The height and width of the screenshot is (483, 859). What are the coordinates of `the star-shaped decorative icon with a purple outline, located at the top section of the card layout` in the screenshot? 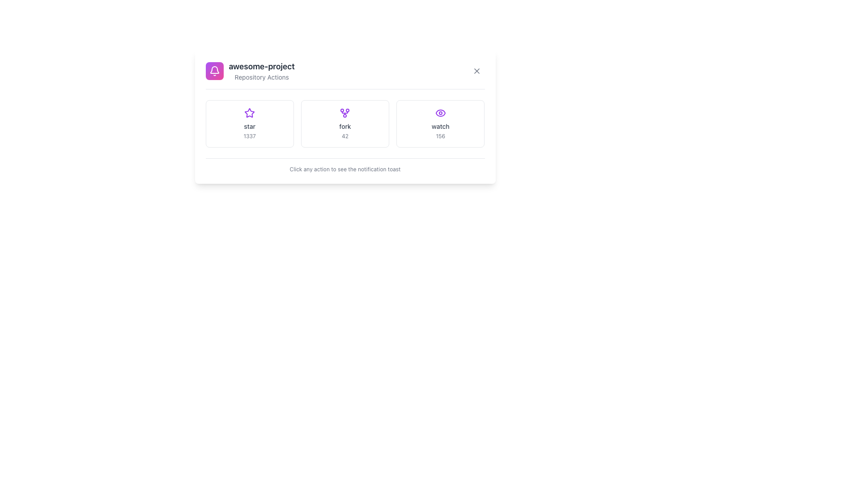 It's located at (250, 113).